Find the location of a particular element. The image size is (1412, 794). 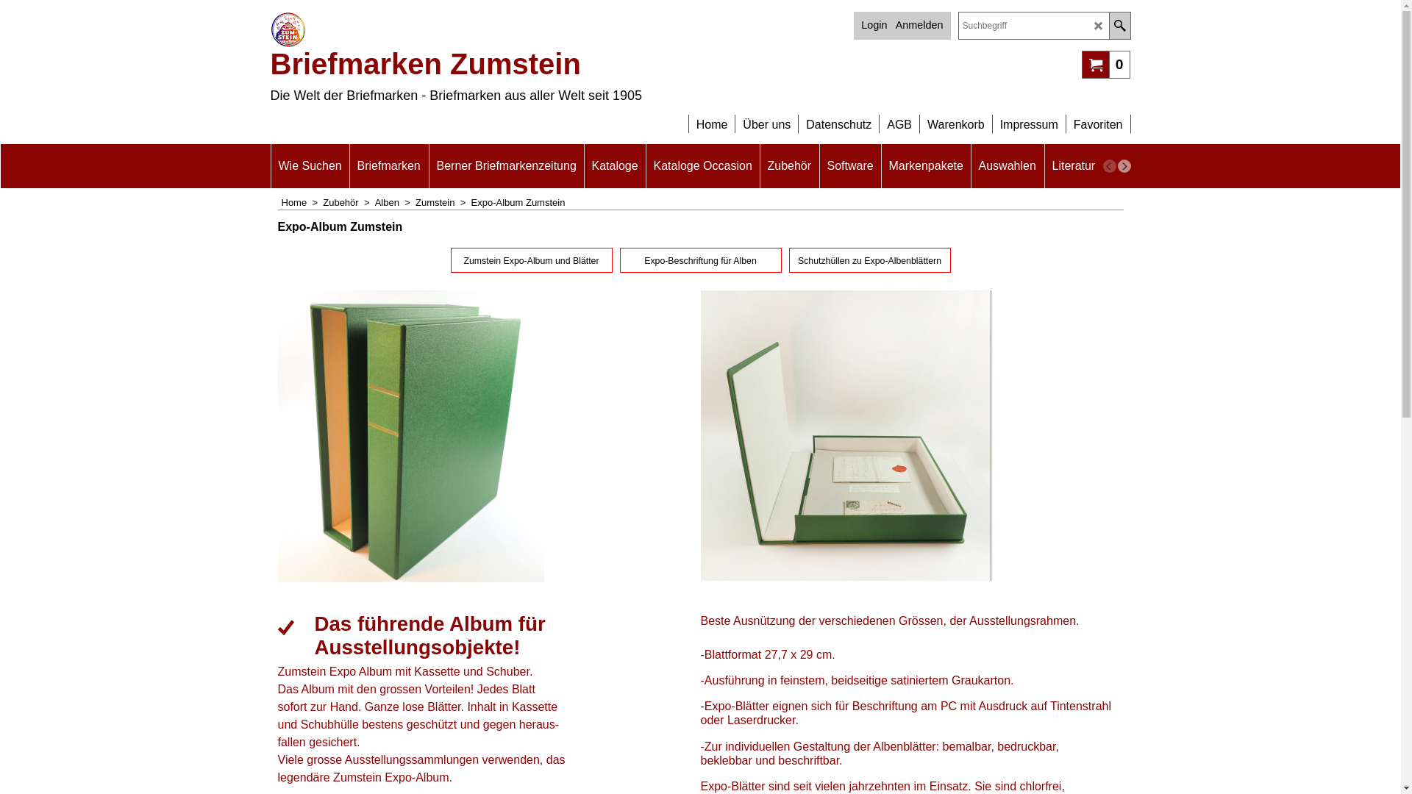

'Home' is located at coordinates (712, 117).